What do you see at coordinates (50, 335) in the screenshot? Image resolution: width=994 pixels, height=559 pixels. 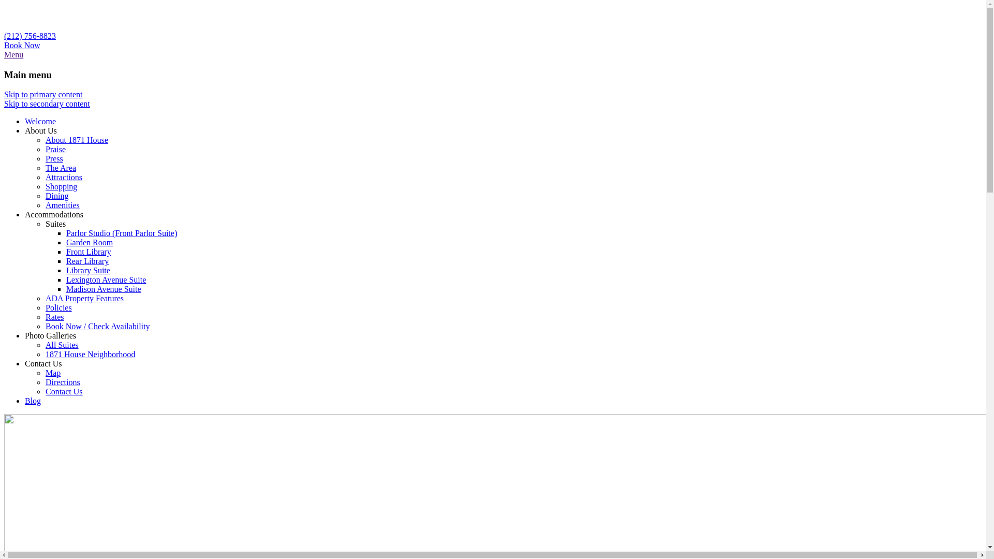 I see `'Photo Galleries'` at bounding box center [50, 335].